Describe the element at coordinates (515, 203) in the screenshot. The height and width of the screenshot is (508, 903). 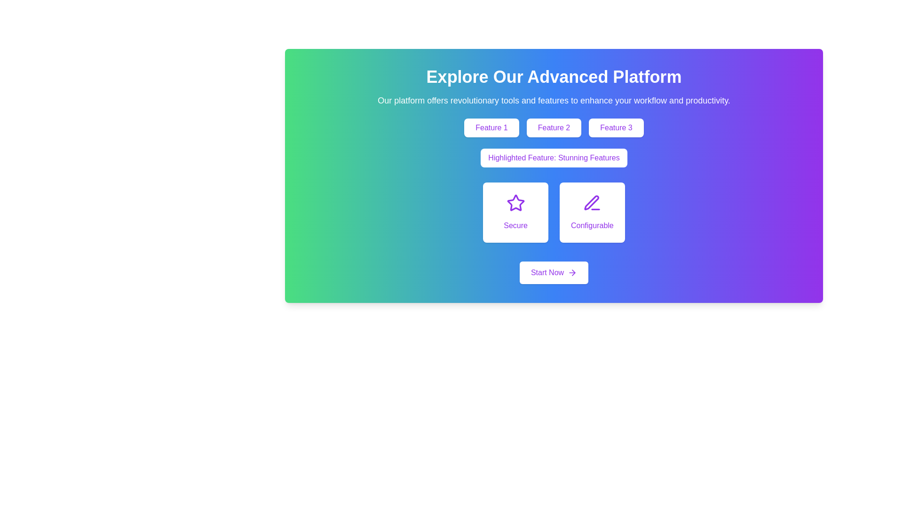
I see `the purple star icon located above the 'Secure' text label within the card component to observe the tooltip if present` at that location.